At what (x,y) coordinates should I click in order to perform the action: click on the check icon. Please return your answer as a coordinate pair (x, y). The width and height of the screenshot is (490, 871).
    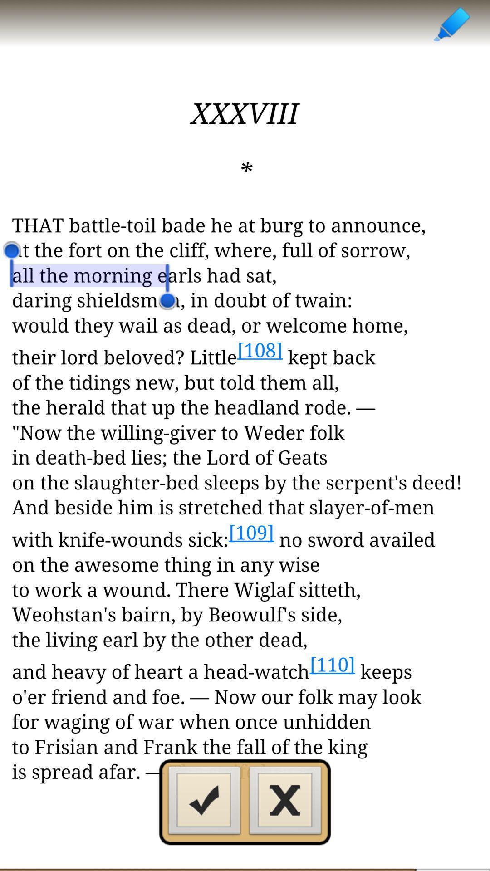
    Looking at the image, I should click on (204, 803).